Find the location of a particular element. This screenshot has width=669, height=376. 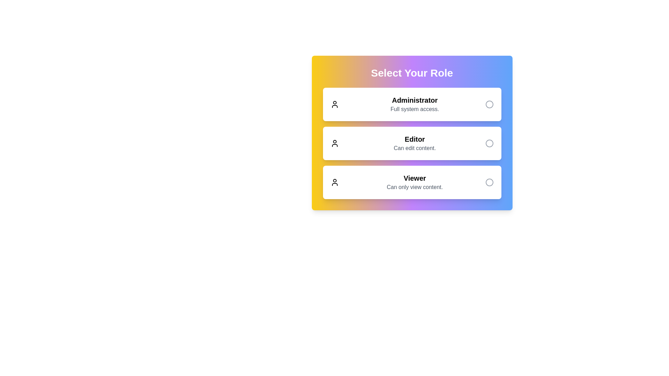

the Viewer role descriptor text label to read more details about the Viewer option in the role selection interface is located at coordinates (415, 182).